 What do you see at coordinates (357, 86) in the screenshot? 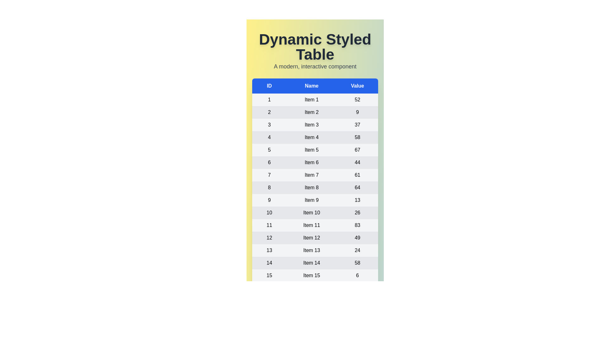
I see `the Value table header to sort the table by that column` at bounding box center [357, 86].